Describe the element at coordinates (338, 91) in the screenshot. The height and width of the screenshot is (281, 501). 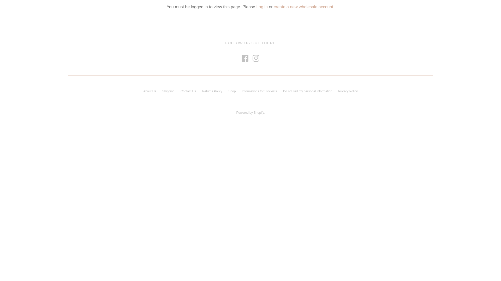
I see `'Privacy Policy'` at that location.